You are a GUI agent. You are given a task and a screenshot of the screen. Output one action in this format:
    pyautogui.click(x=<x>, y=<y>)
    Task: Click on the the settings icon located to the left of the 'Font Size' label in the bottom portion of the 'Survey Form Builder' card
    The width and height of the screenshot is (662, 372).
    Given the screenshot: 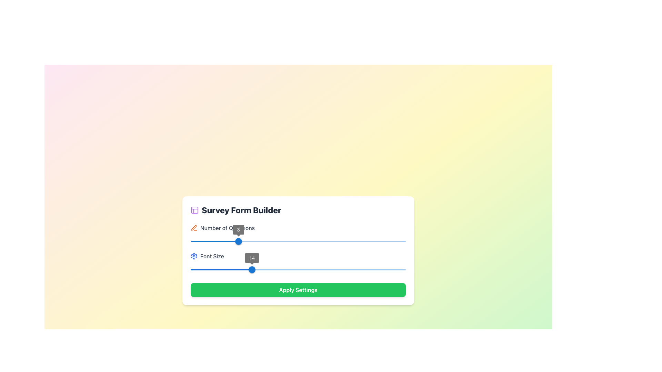 What is the action you would take?
    pyautogui.click(x=193, y=256)
    